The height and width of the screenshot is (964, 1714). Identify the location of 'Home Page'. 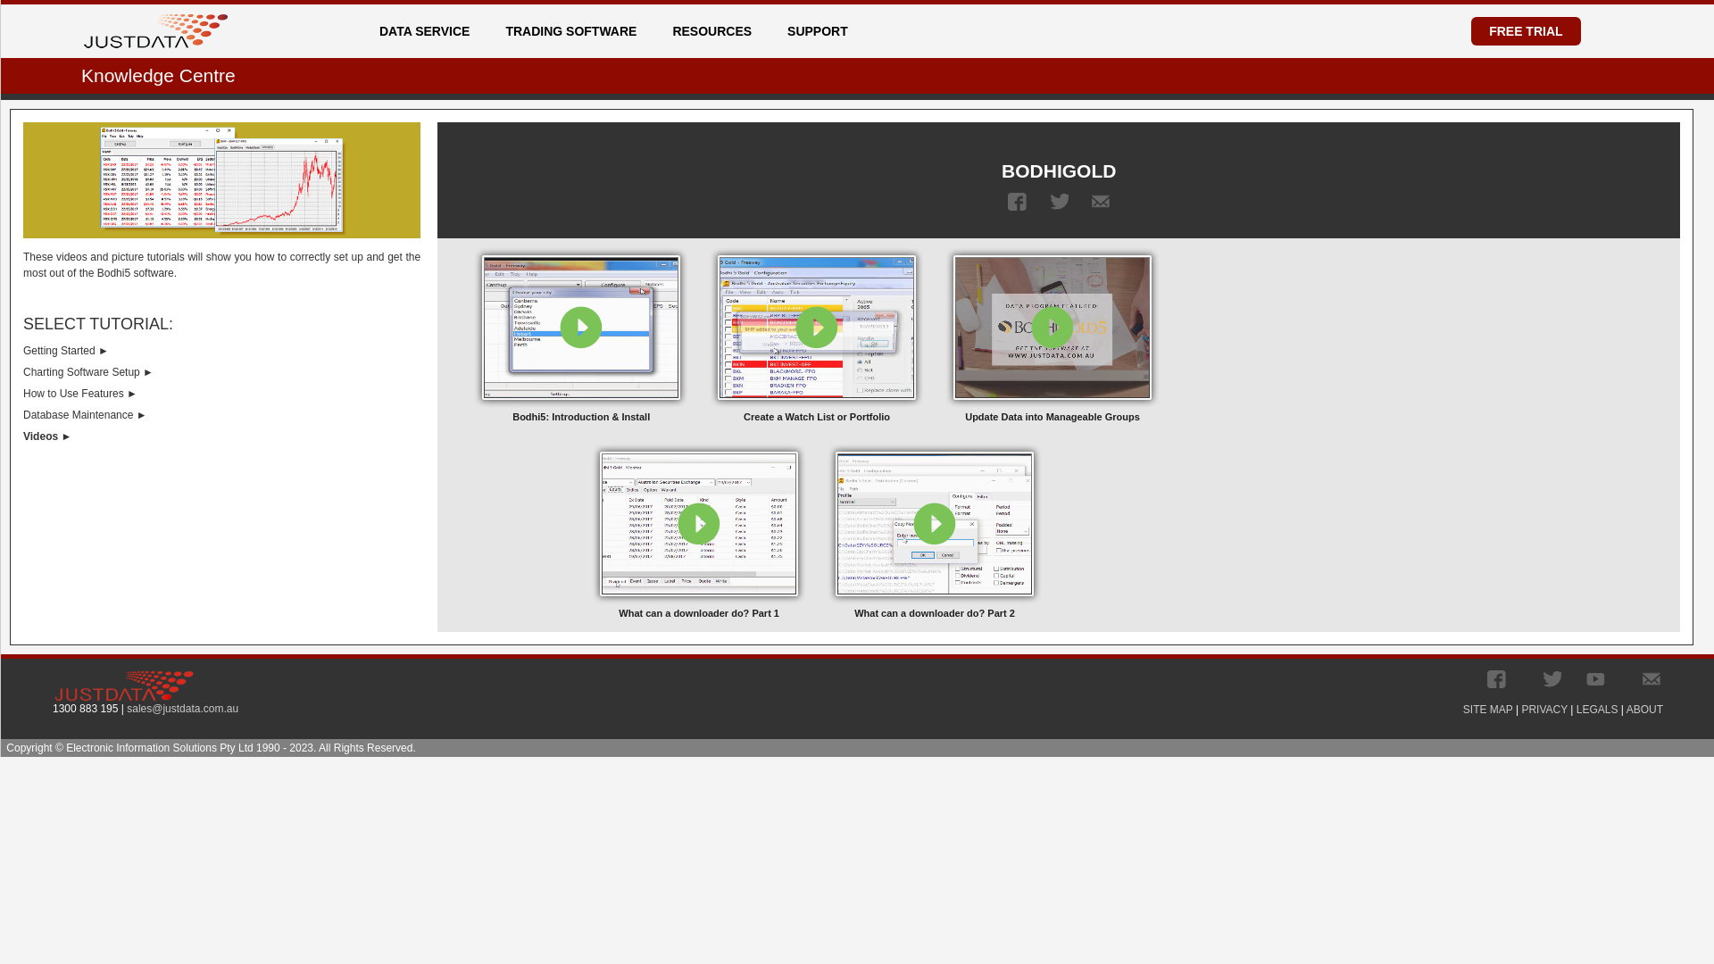
(83, 30).